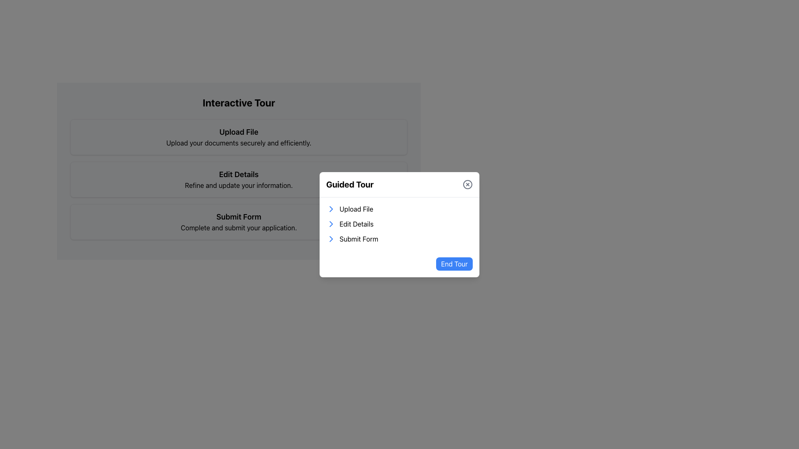 The image size is (799, 449). Describe the element at coordinates (238, 102) in the screenshot. I see `large, bold, centered header text that reads 'Interactive Tour.'` at that location.